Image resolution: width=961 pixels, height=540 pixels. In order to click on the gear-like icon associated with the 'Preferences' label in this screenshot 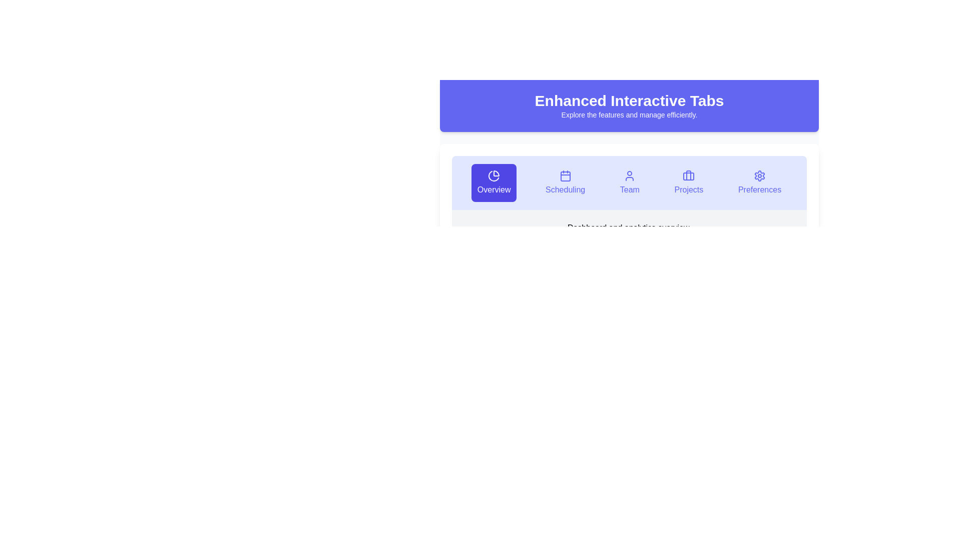, I will do `click(759, 175)`.